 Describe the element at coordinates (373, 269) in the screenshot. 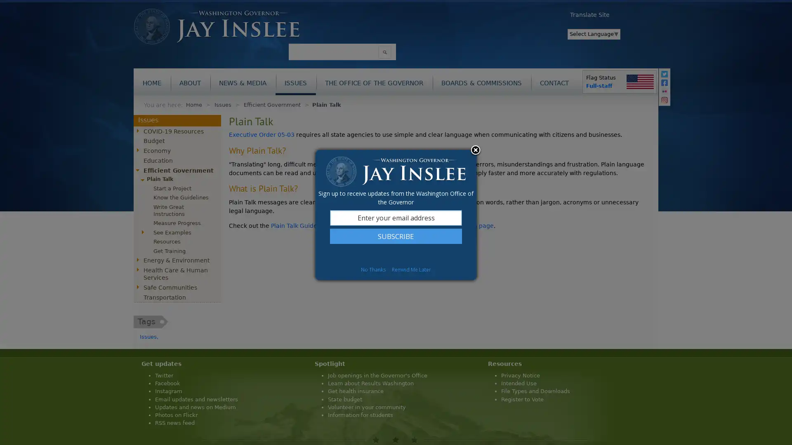

I see `No Thanks` at that location.